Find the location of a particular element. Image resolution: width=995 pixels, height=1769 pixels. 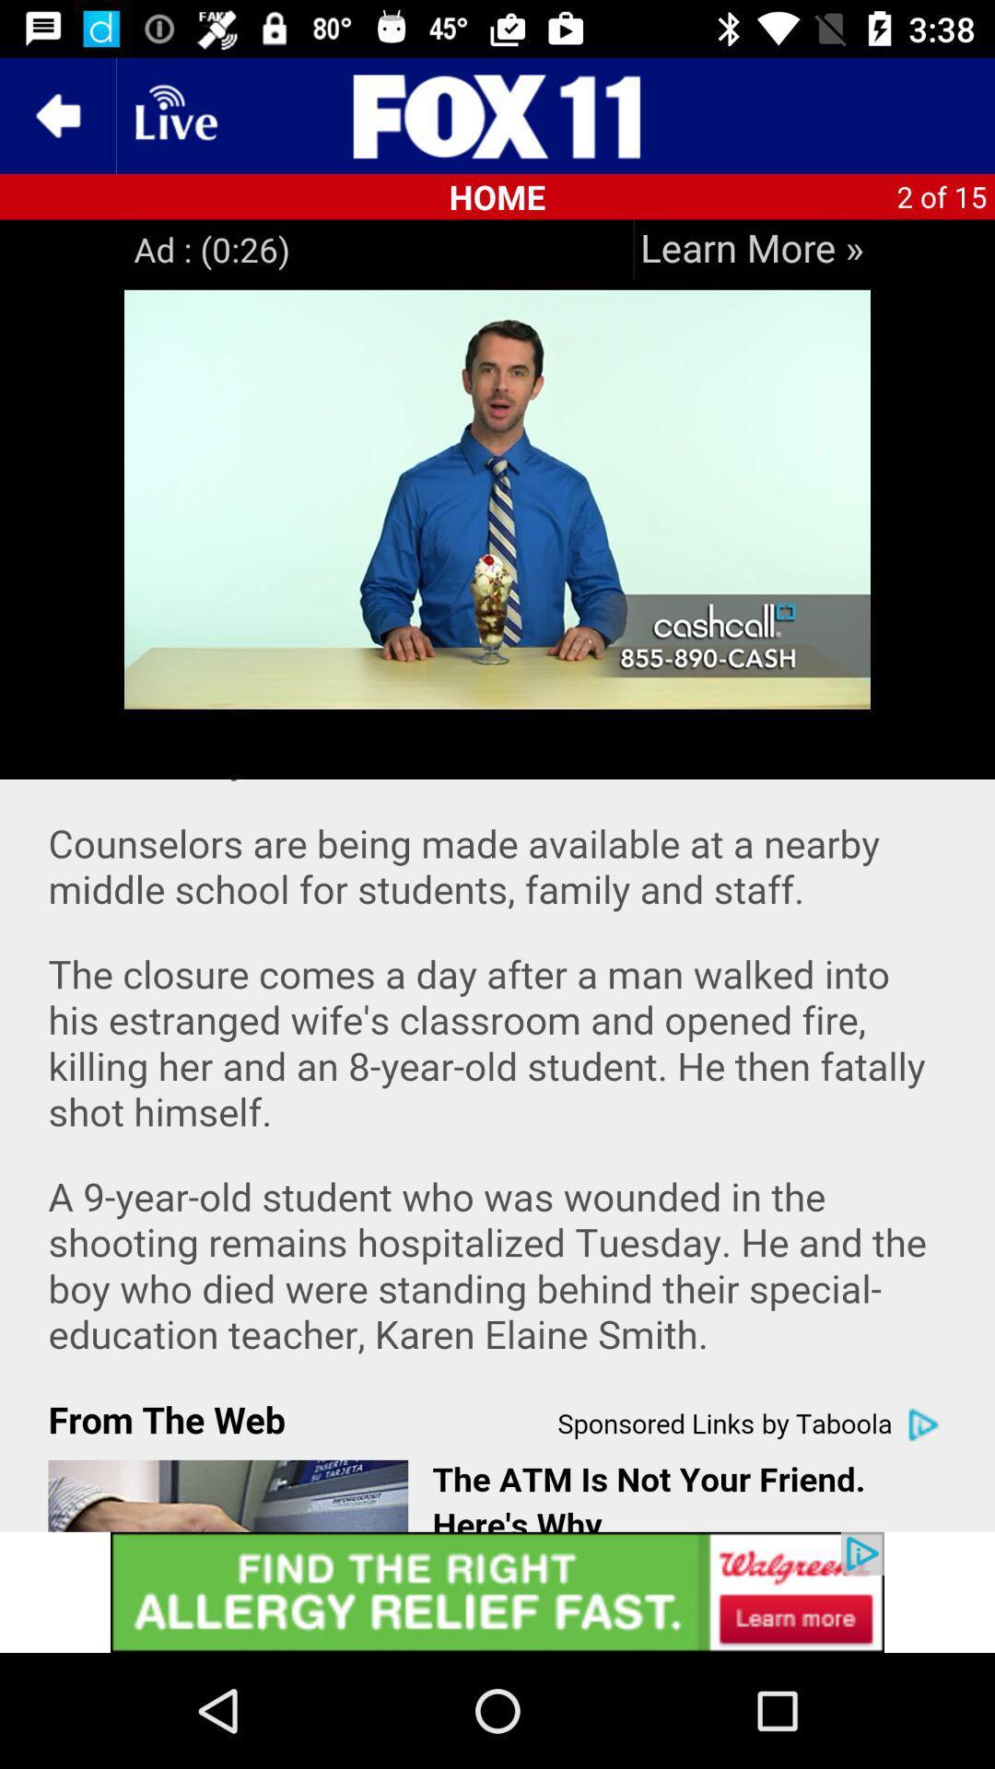

the arrow_backward icon is located at coordinates (56, 114).